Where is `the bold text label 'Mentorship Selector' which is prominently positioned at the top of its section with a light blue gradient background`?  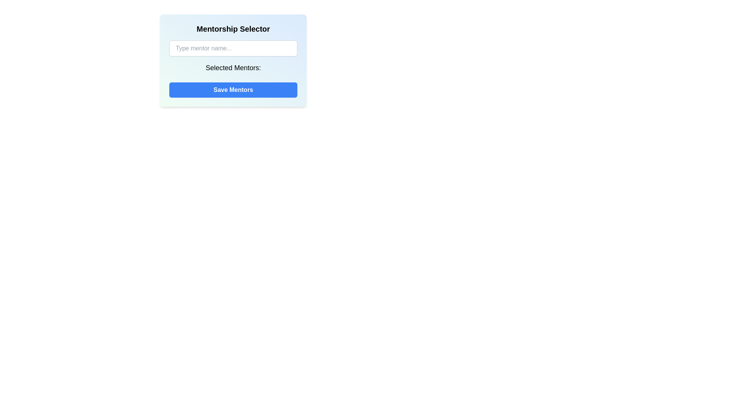 the bold text label 'Mentorship Selector' which is prominently positioned at the top of its section with a light blue gradient background is located at coordinates (233, 29).